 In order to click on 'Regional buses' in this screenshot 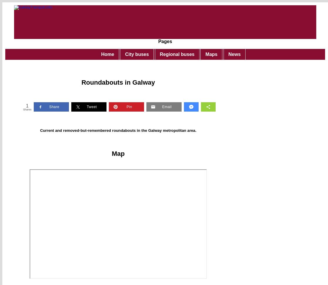, I will do `click(177, 54)`.